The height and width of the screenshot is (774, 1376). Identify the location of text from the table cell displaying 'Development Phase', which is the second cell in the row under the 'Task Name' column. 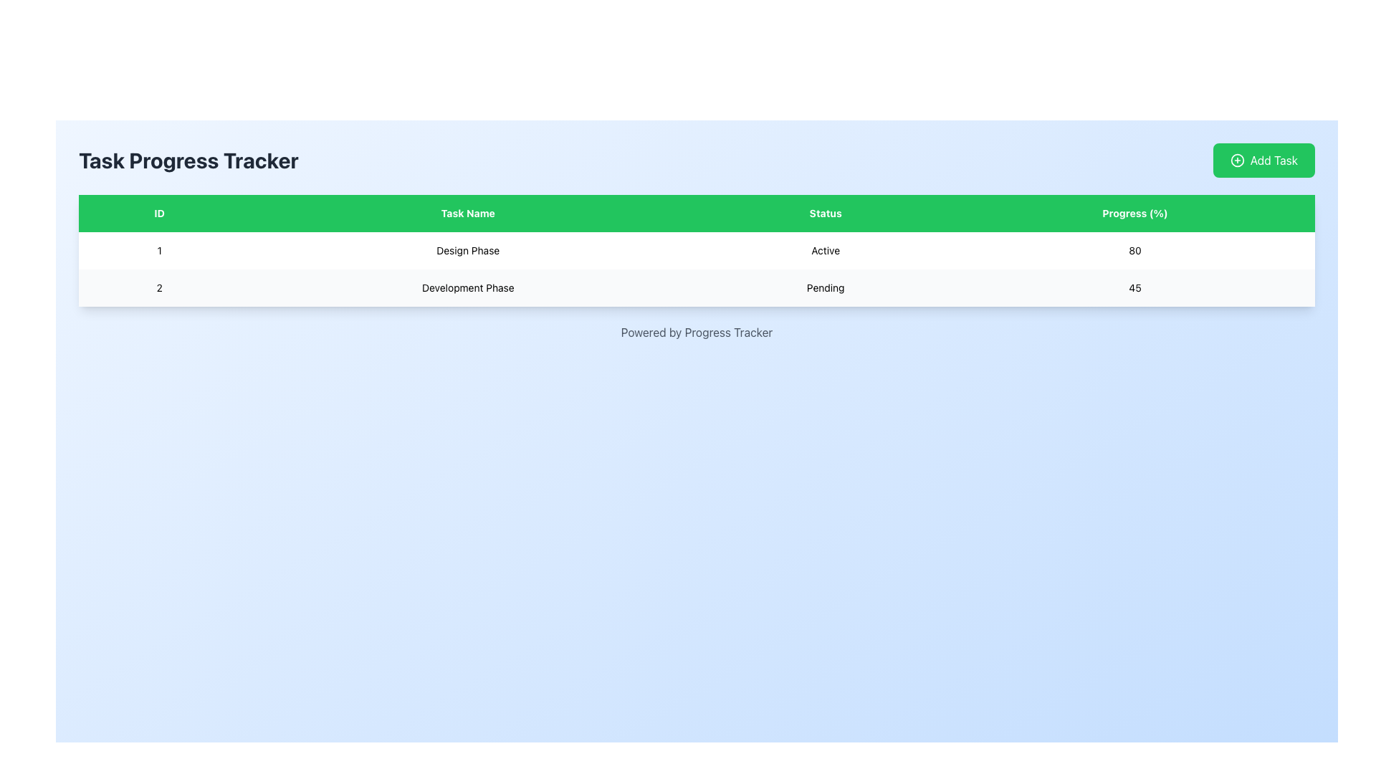
(468, 287).